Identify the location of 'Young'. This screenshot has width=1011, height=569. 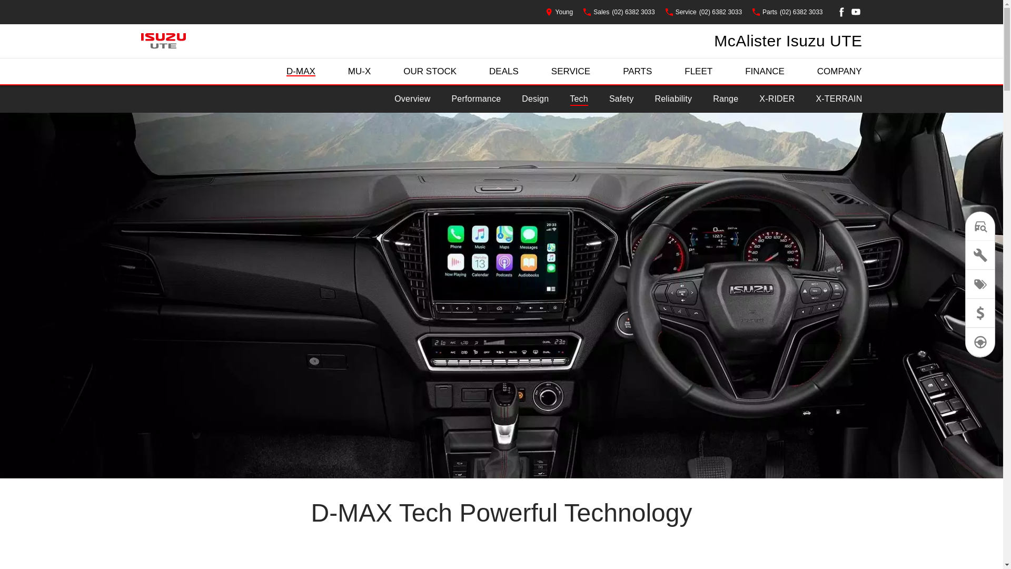
(559, 12).